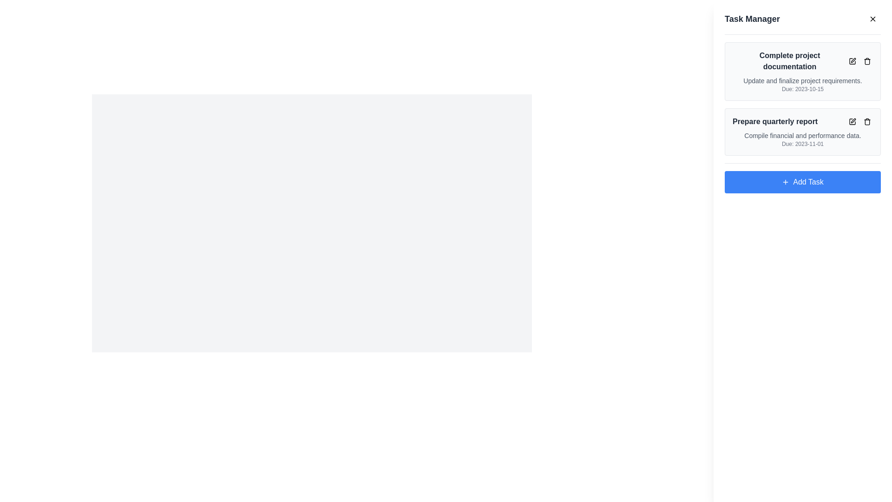 This screenshot has width=892, height=502. What do you see at coordinates (867, 121) in the screenshot?
I see `the trash can icon button located in the second task entry row of the Task Manager interface` at bounding box center [867, 121].